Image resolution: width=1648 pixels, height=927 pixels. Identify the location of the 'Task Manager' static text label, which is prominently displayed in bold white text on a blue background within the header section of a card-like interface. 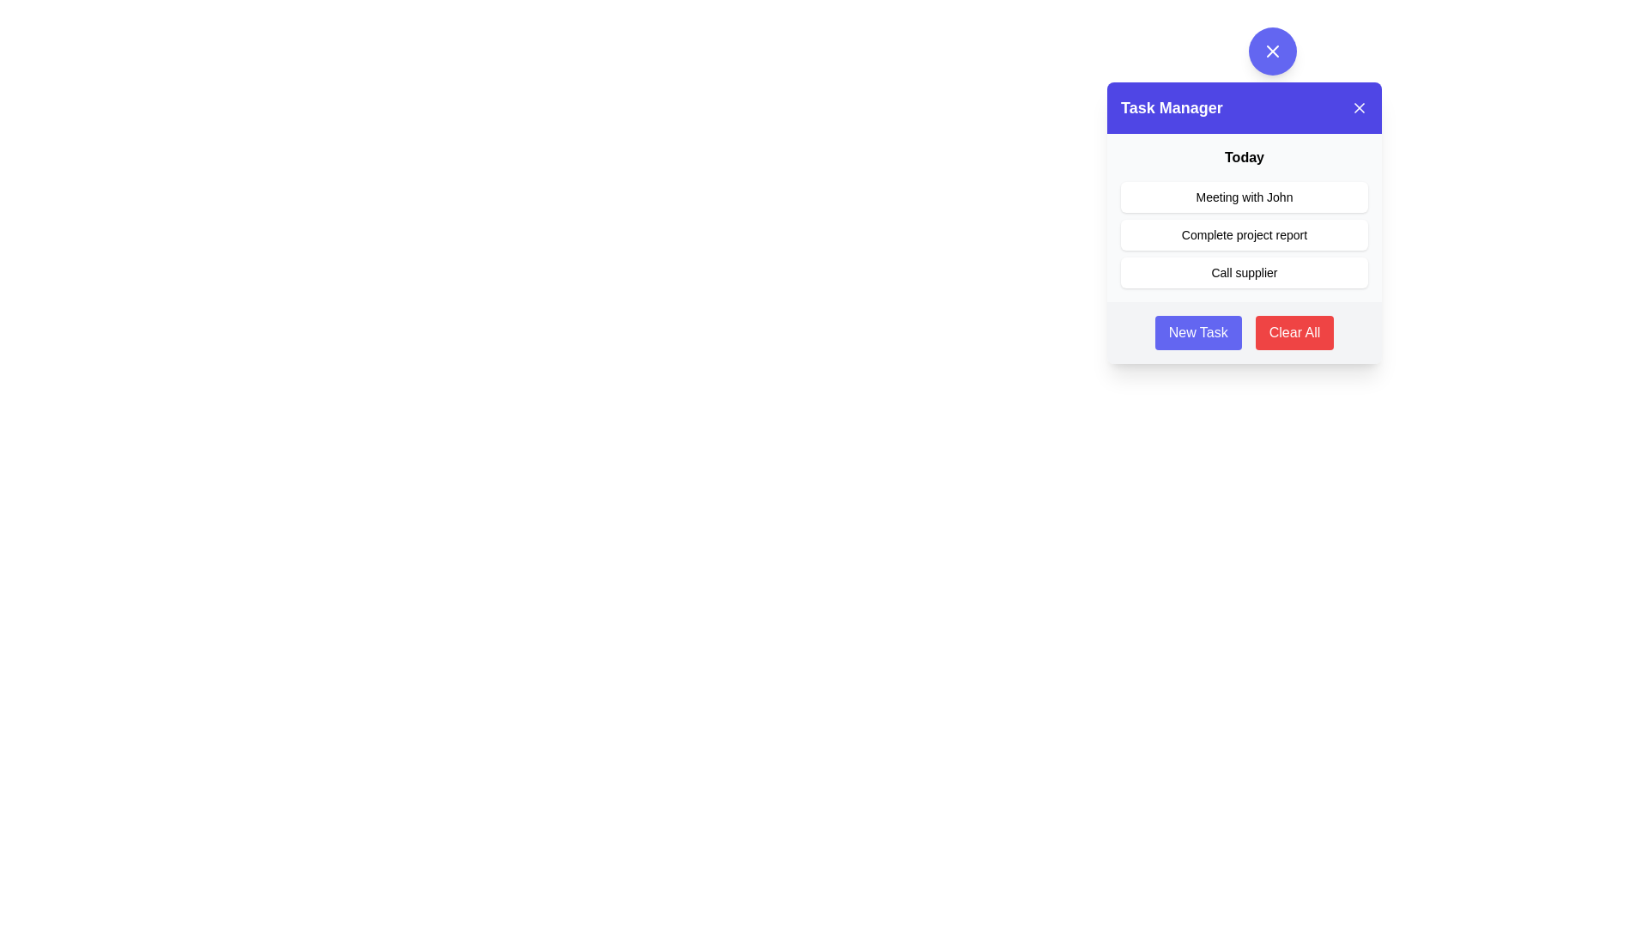
(1171, 108).